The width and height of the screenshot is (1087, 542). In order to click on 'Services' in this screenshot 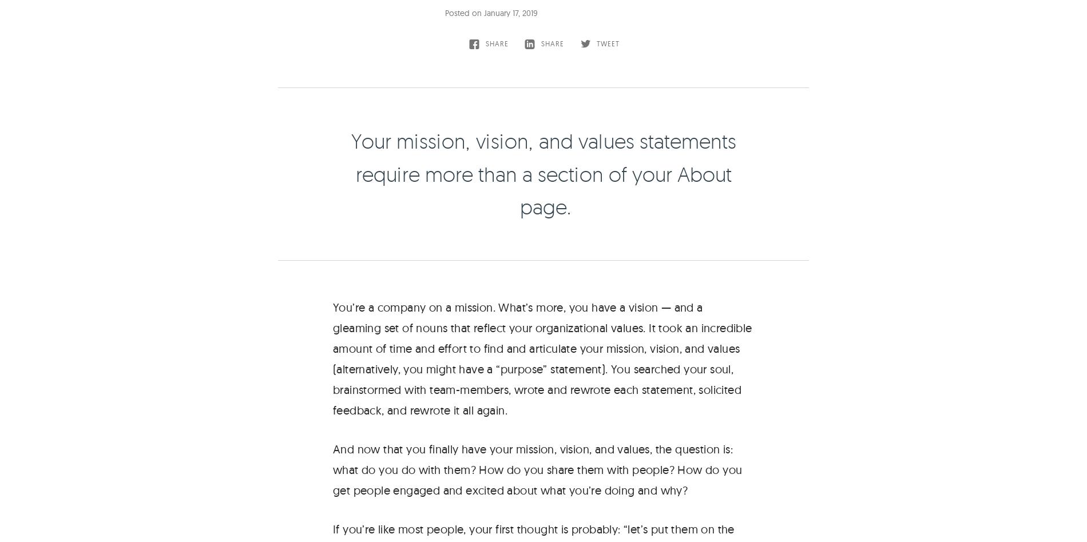, I will do `click(560, 503)`.